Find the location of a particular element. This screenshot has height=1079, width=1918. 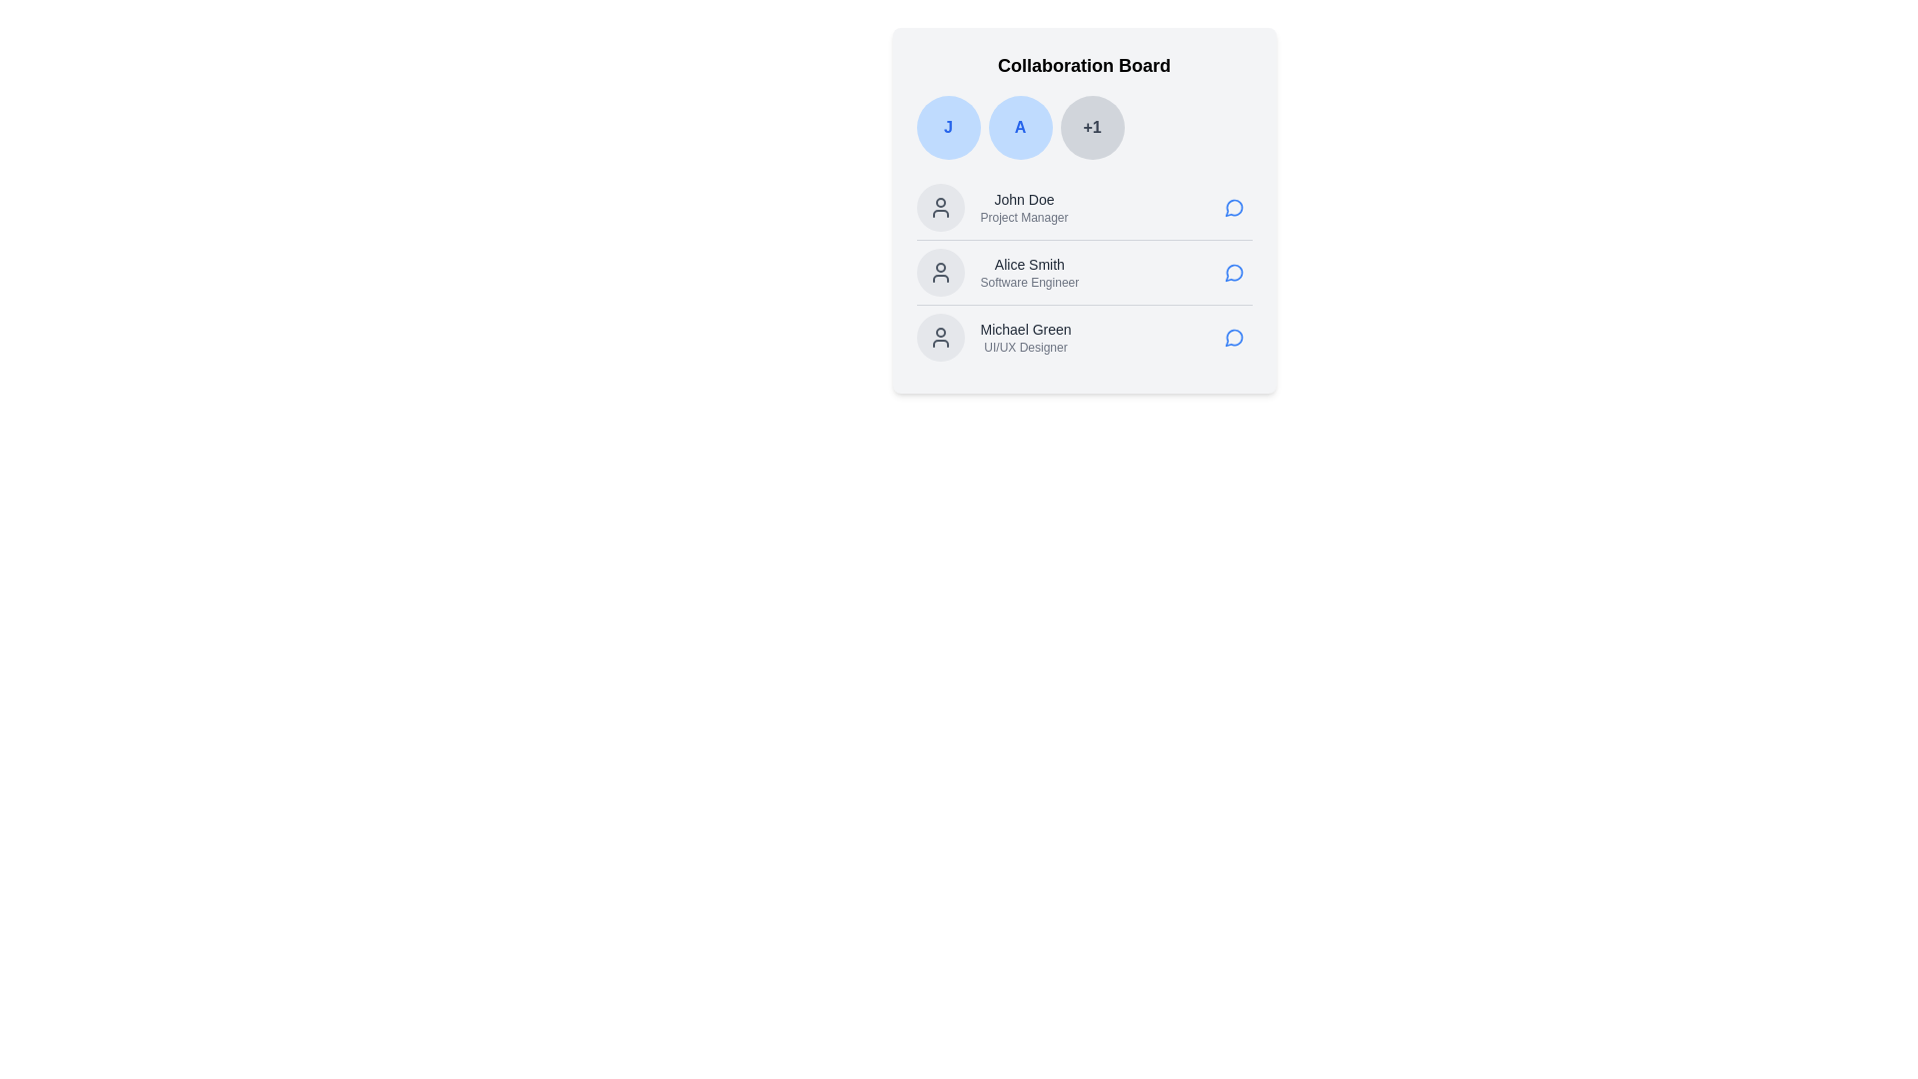

the user avatar element, which is a circular icon with a grey background and a black user avatar silhouette, located in the third row of a collaboration board interface, to the left of 'Michael Green' and aligned with a message button is located at coordinates (939, 337).